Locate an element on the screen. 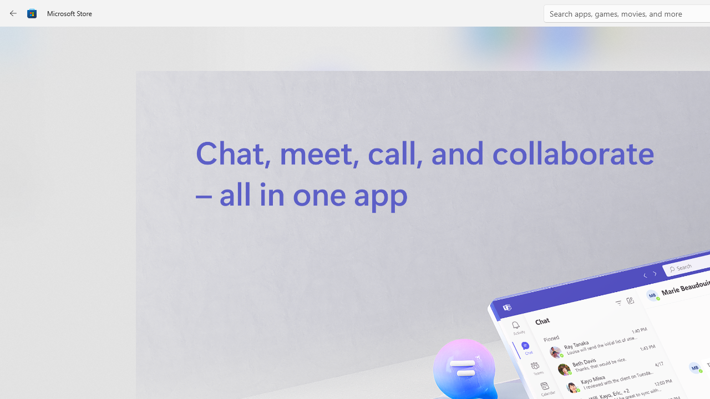 The image size is (710, 399). 'Back' is located at coordinates (13, 13).